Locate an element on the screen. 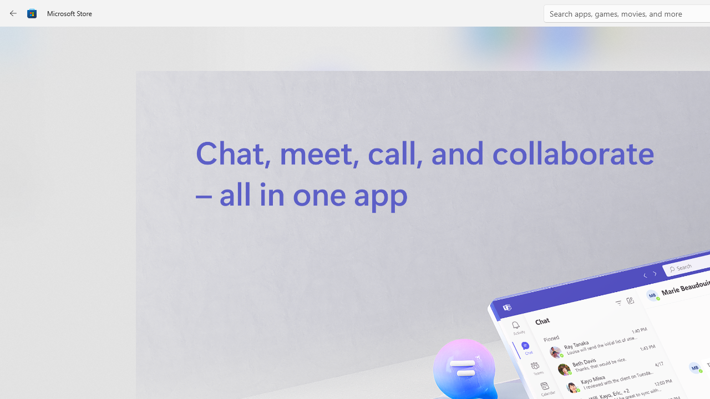 The image size is (710, 399). 'Back' is located at coordinates (13, 13).